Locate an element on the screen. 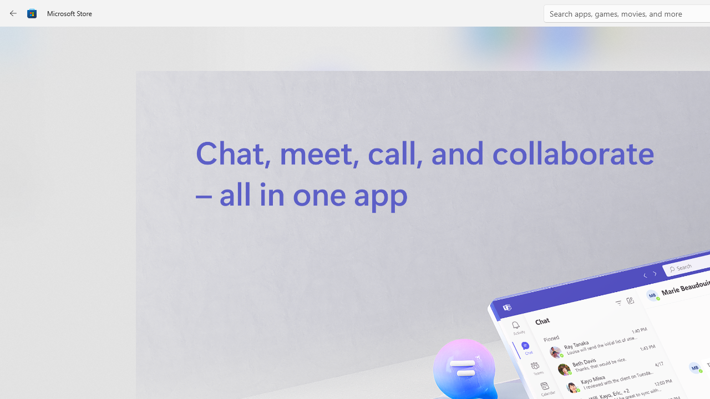 The image size is (710, 399). 'Back' is located at coordinates (13, 13).